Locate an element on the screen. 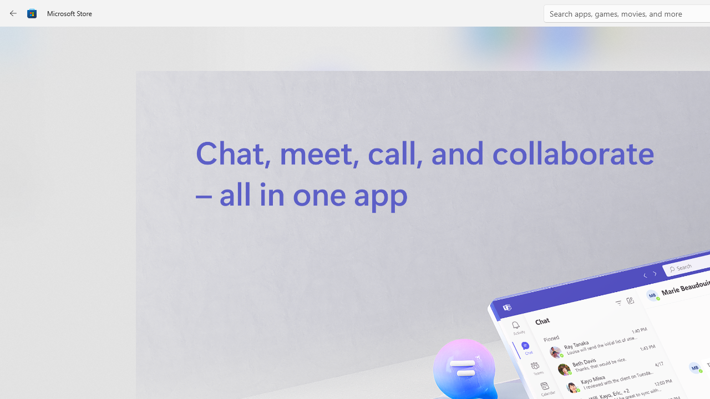 The image size is (710, 399). 'Back' is located at coordinates (13, 13).